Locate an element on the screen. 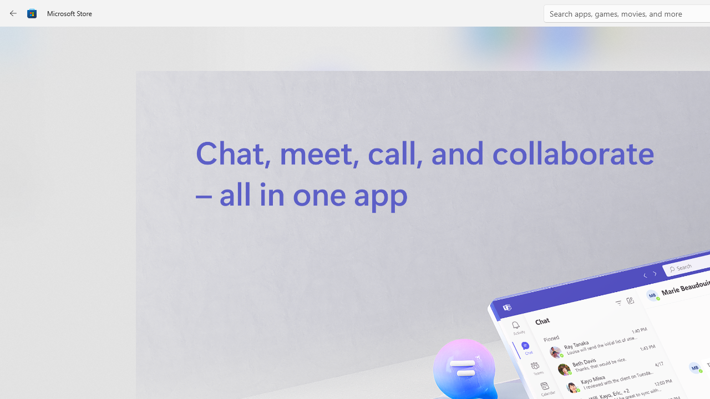 The image size is (710, 399). 'Back' is located at coordinates (13, 13).